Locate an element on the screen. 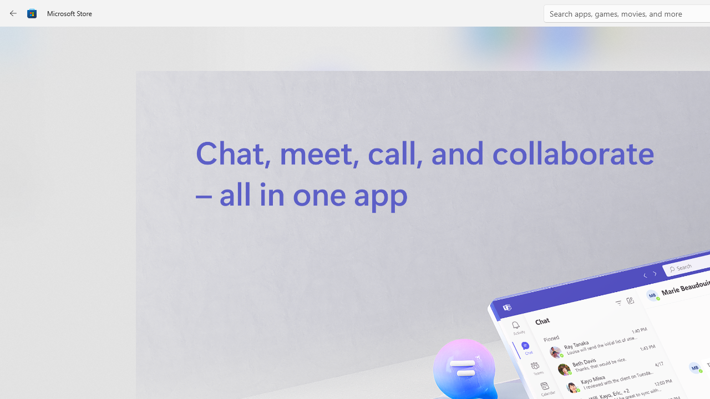 The image size is (710, 399). 'Back' is located at coordinates (13, 13).